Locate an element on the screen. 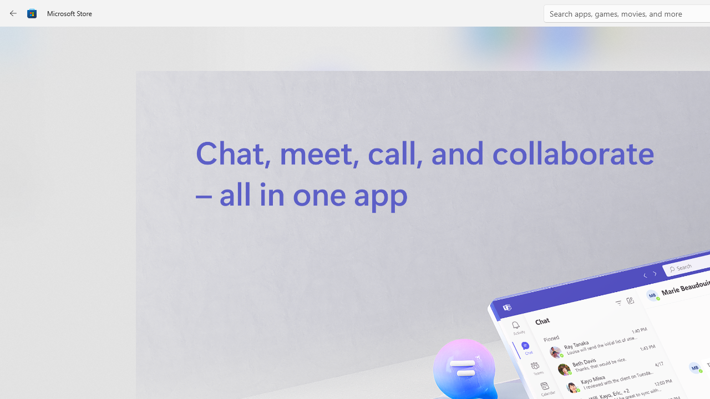 The image size is (710, 399). 'Back' is located at coordinates (13, 13).